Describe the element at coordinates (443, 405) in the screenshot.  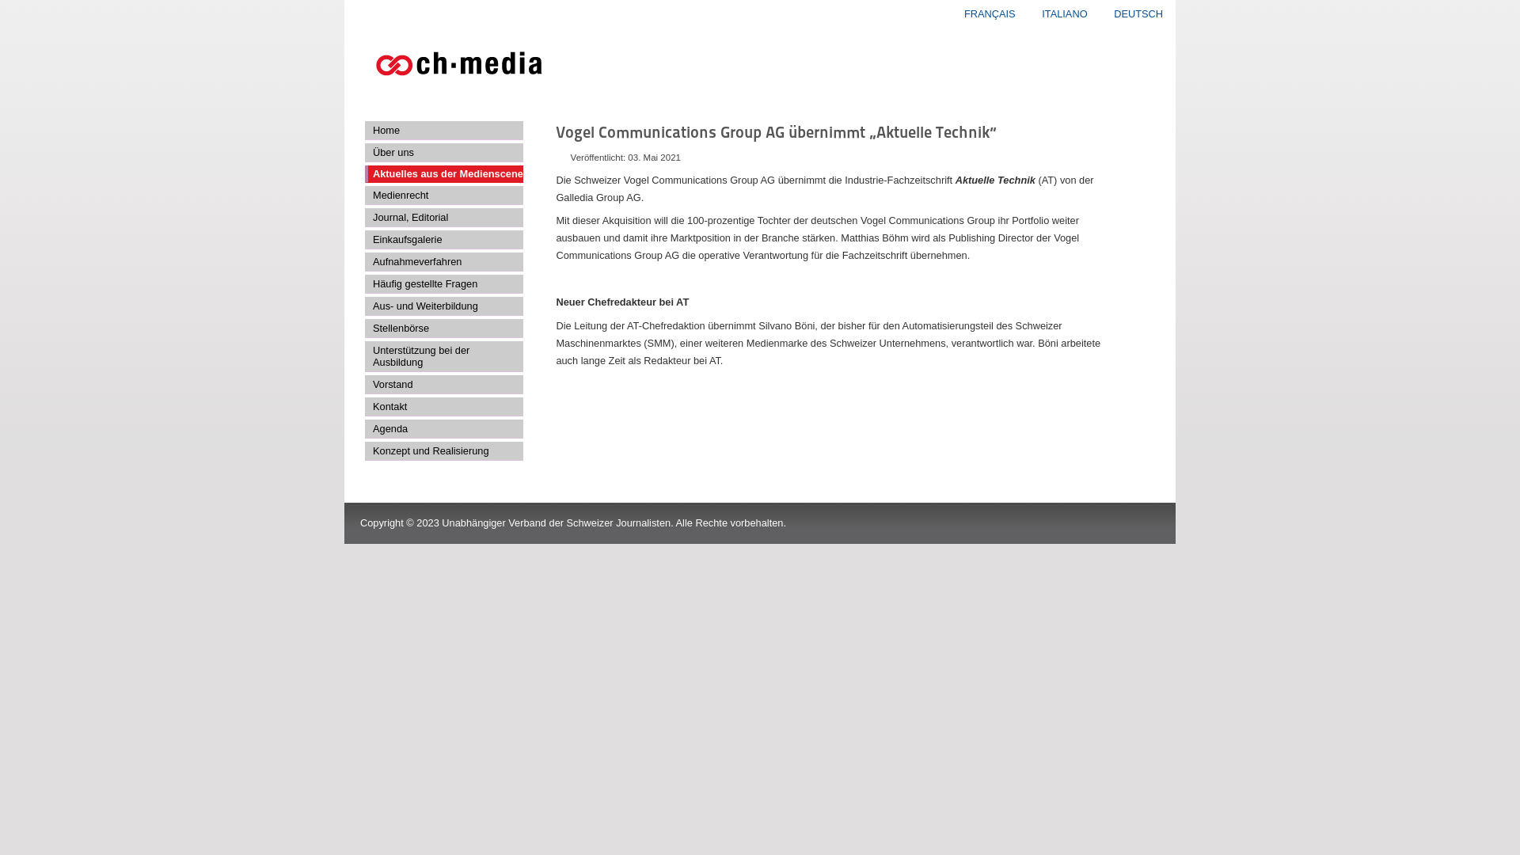
I see `'Kontakt'` at that location.